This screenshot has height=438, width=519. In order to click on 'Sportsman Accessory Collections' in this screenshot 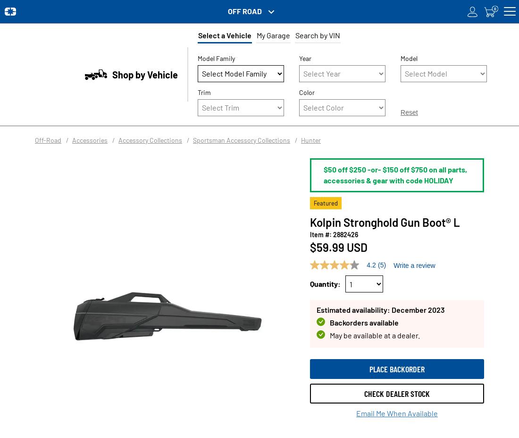, I will do `click(242, 139)`.